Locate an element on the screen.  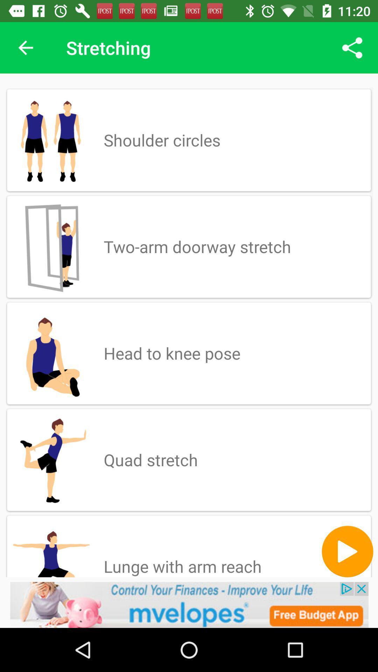
the play icon is located at coordinates (347, 551).